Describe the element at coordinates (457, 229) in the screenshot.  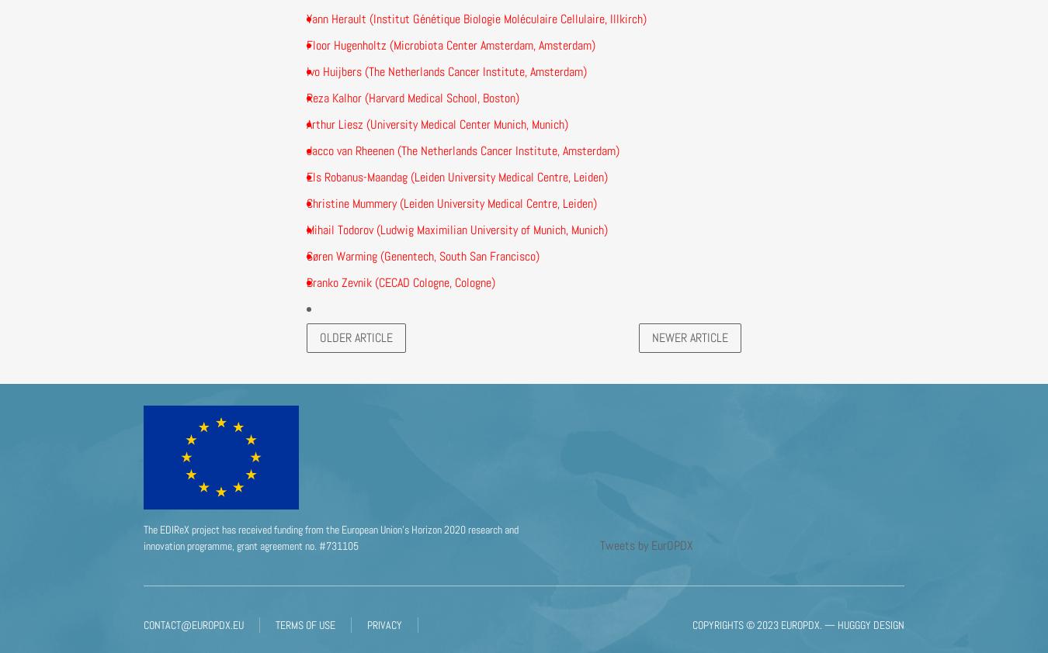
I see `'Mihail Todorov (Ludwig Maximilian University of Munich, Munich)'` at that location.